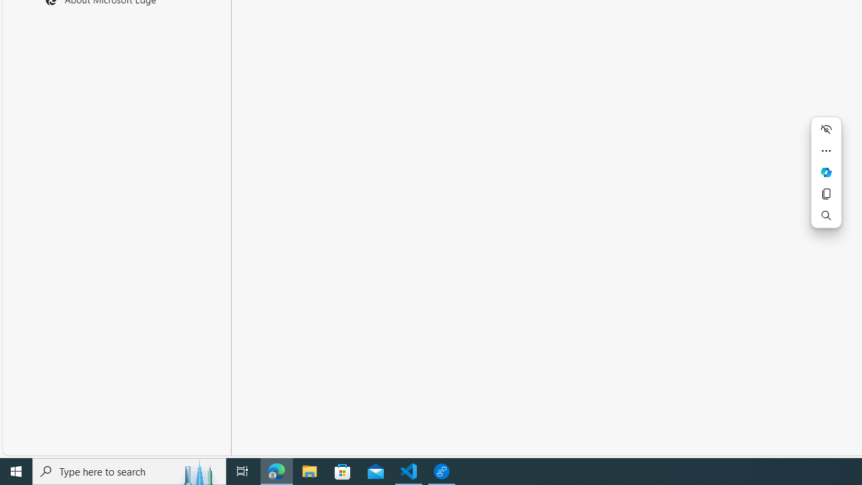  What do you see at coordinates (825, 194) in the screenshot?
I see `'Copy'` at bounding box center [825, 194].